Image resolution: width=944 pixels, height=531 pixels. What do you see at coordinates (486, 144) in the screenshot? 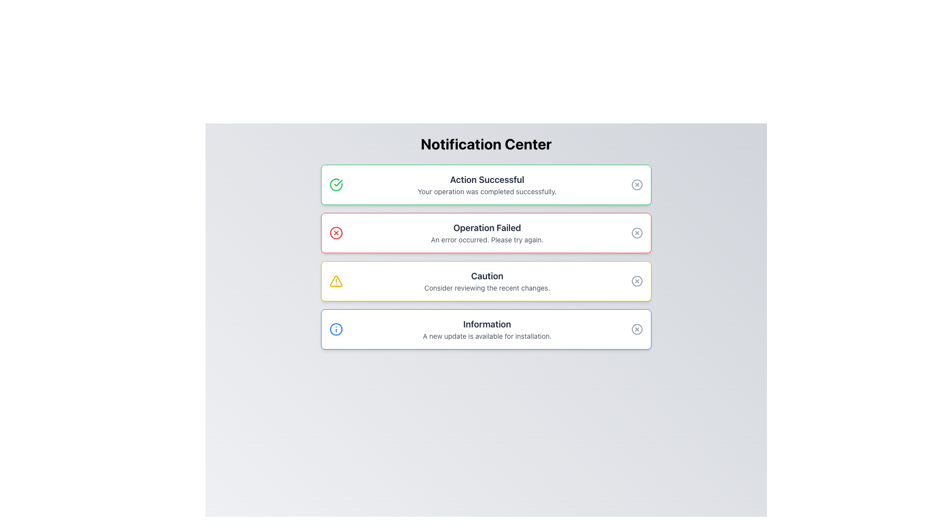
I see `the 'Notification Center' text label, which is bold, large, and centrally aligned at the top of the interface, serving as a header for the notifications` at bounding box center [486, 144].